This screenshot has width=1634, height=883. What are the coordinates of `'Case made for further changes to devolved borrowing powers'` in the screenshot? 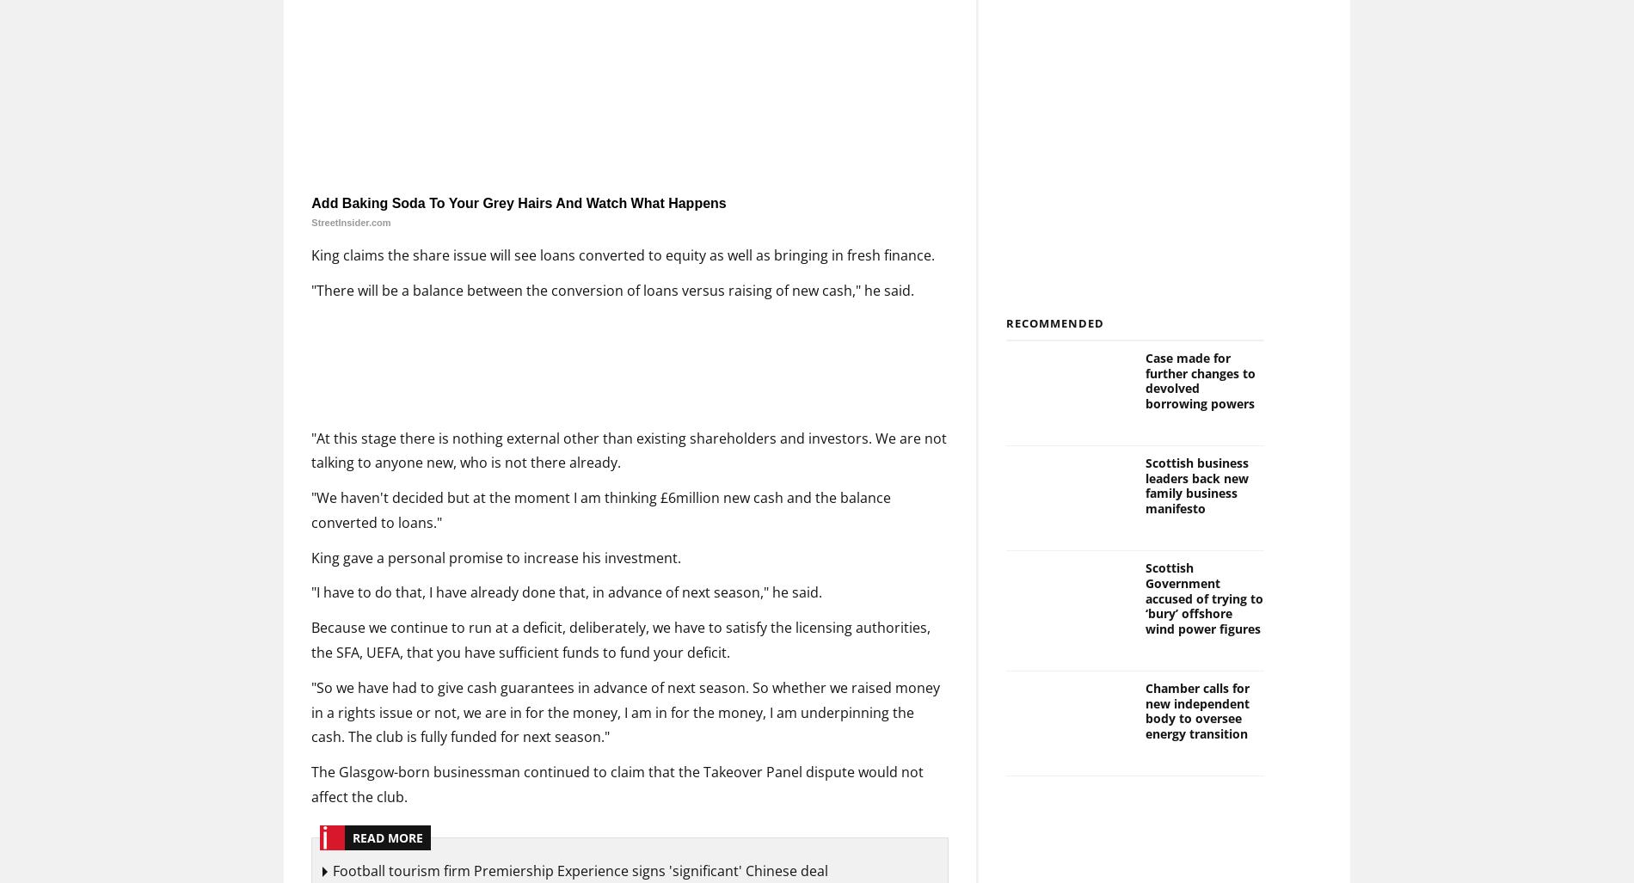 It's located at (1198, 380).